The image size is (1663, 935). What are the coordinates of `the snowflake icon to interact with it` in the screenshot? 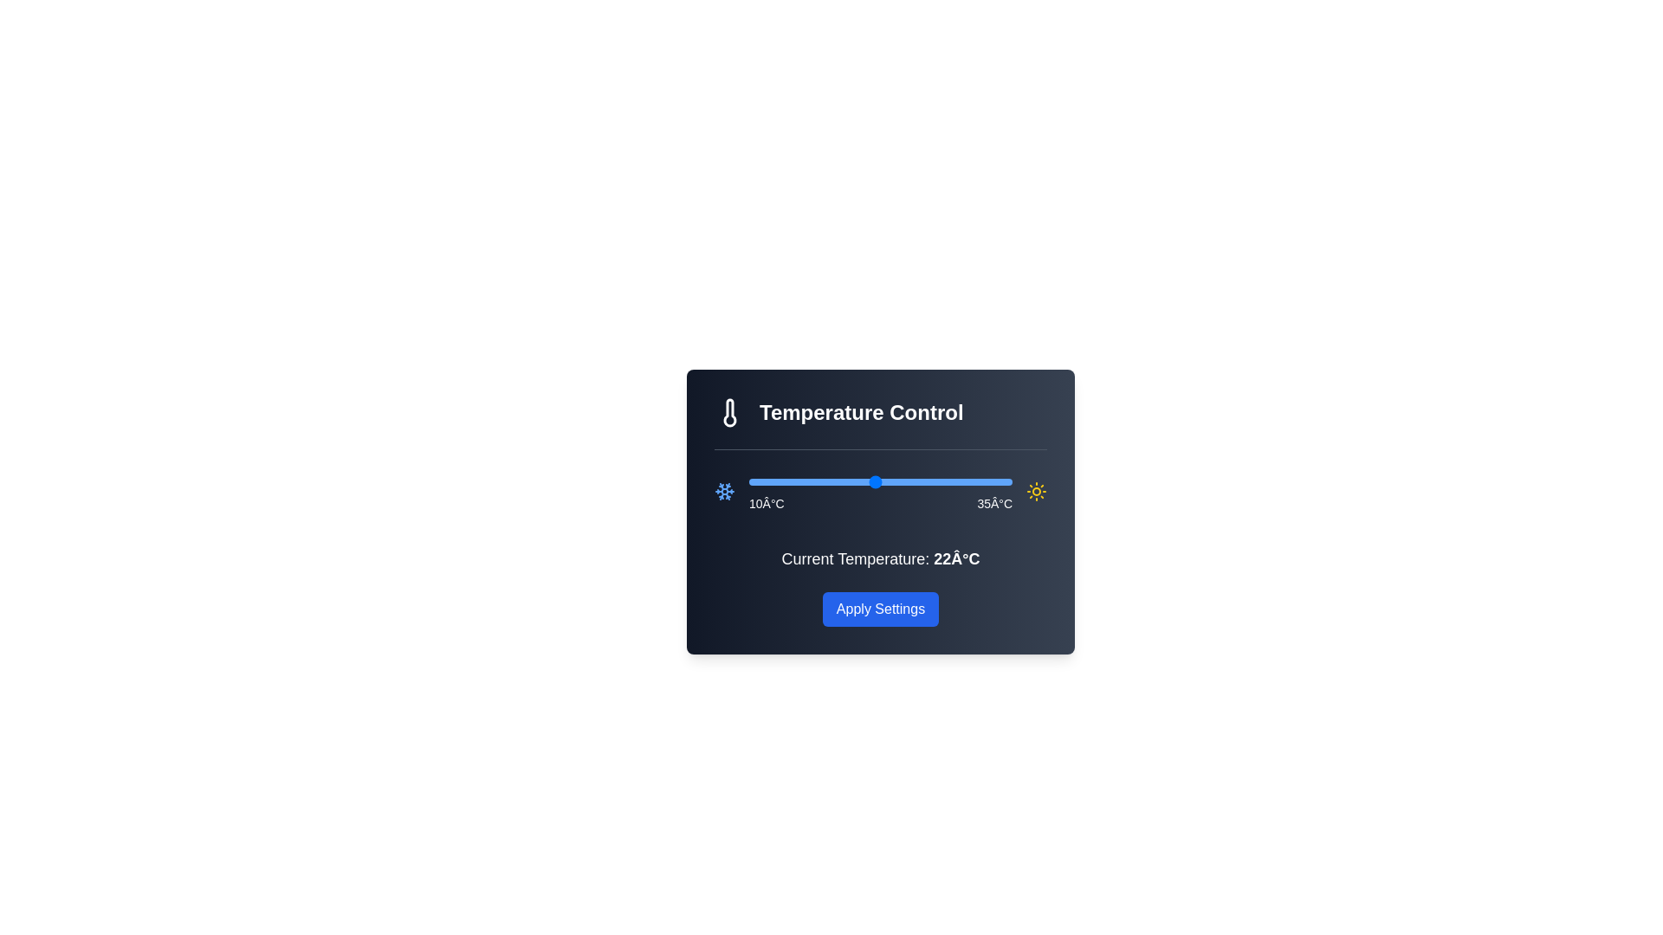 It's located at (724, 491).